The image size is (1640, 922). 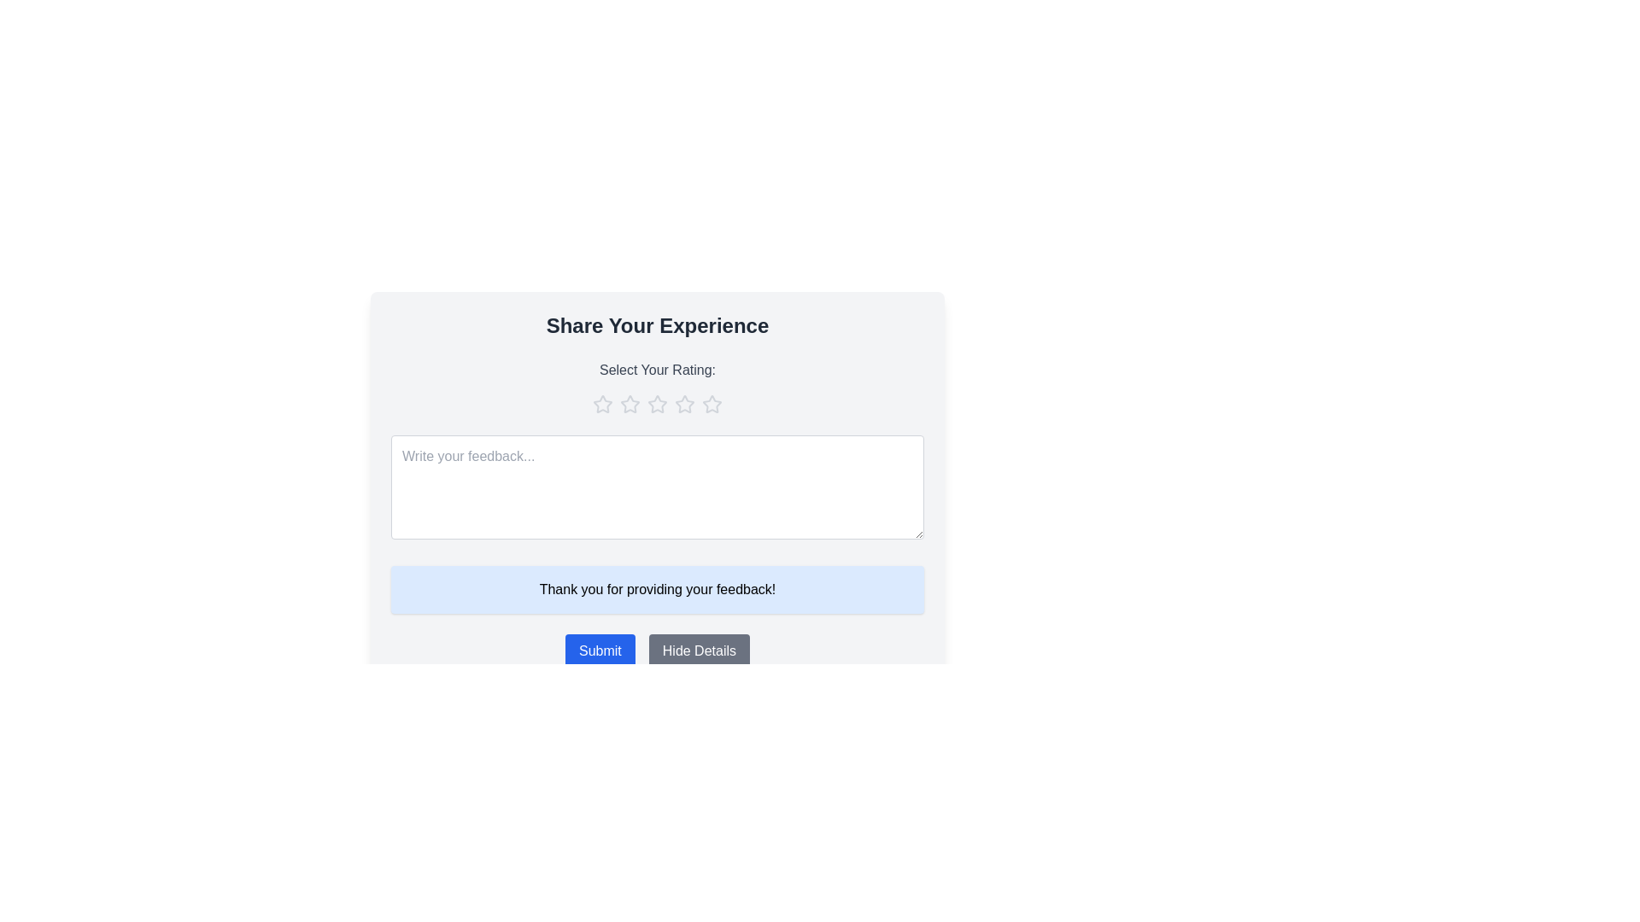 I want to click on the second star icon in the rating input mechanism, so click(x=630, y=405).